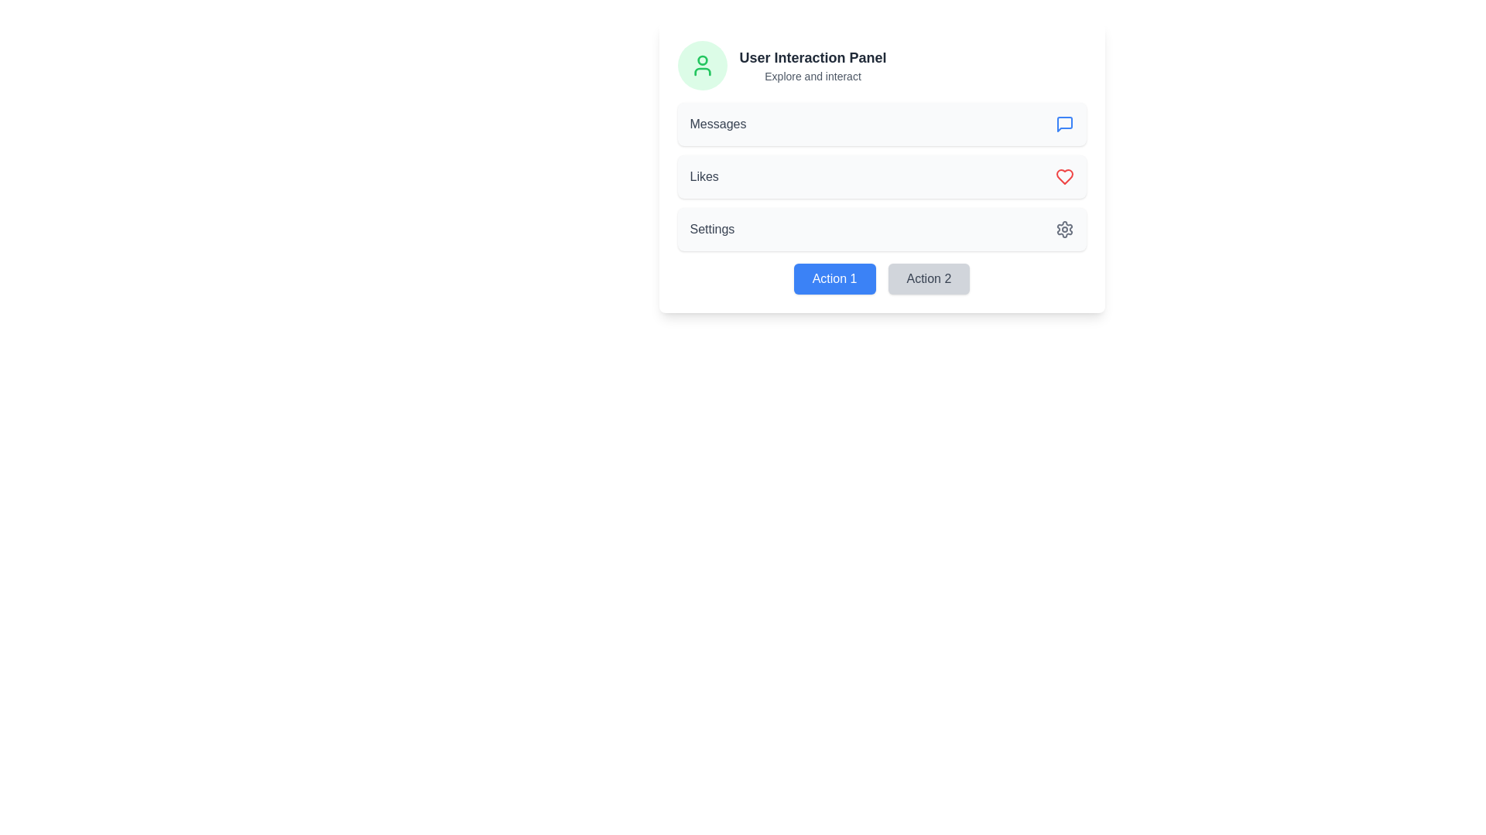 The image size is (1486, 835). Describe the element at coordinates (717, 124) in the screenshot. I see `the 'Messages' text label which indicates the messages section in the user interface, positioned above the 'Likes' and 'Settings' options` at that location.